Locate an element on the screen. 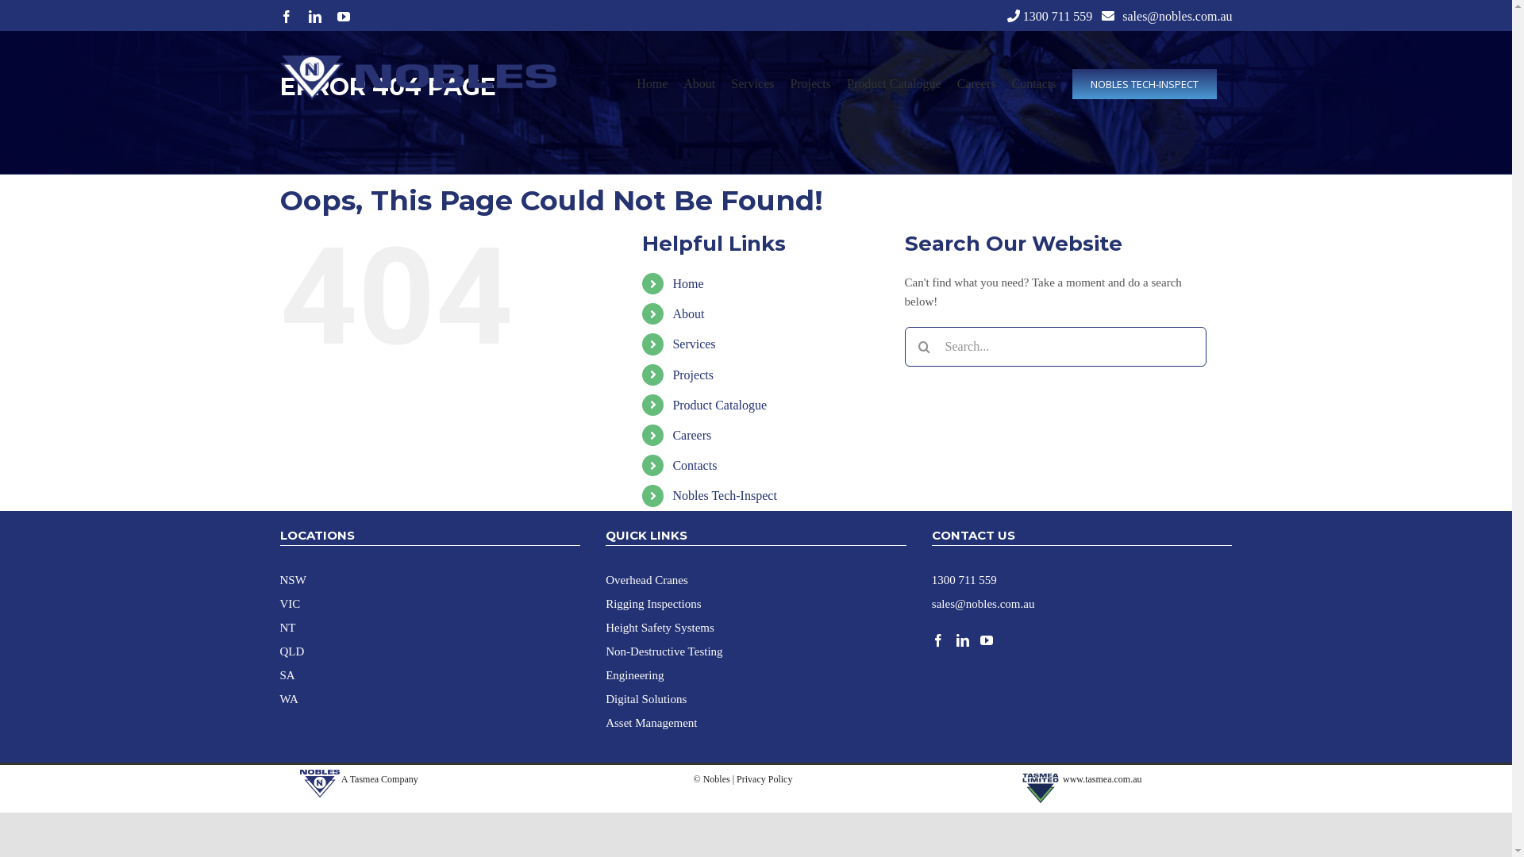 This screenshot has height=857, width=1524. 'Contacts' is located at coordinates (694, 464).